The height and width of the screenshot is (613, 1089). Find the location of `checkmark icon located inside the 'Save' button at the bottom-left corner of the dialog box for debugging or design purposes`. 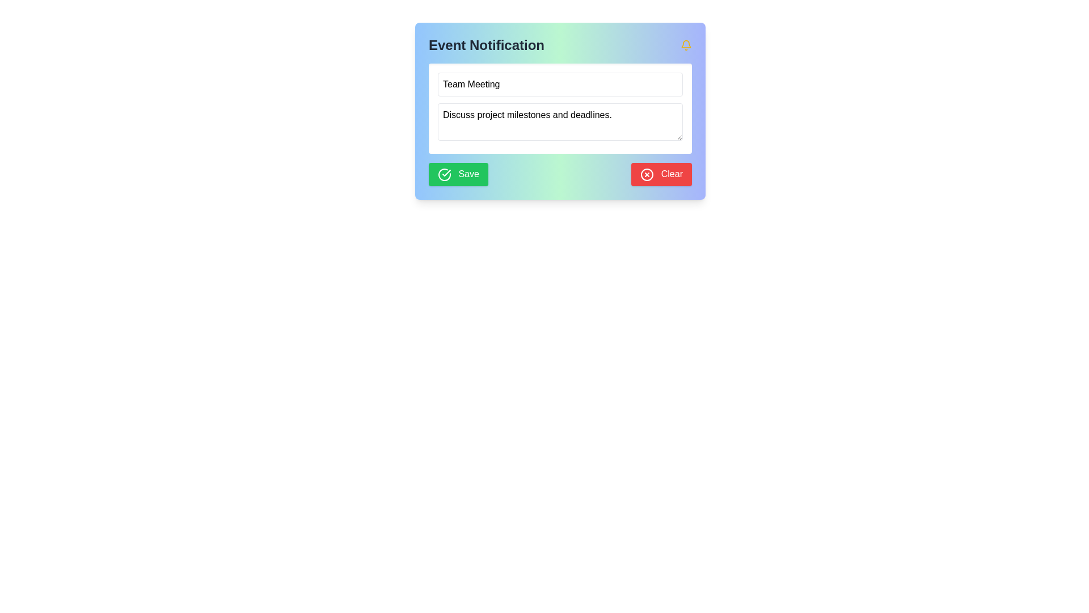

checkmark icon located inside the 'Save' button at the bottom-left corner of the dialog box for debugging or design purposes is located at coordinates (446, 173).